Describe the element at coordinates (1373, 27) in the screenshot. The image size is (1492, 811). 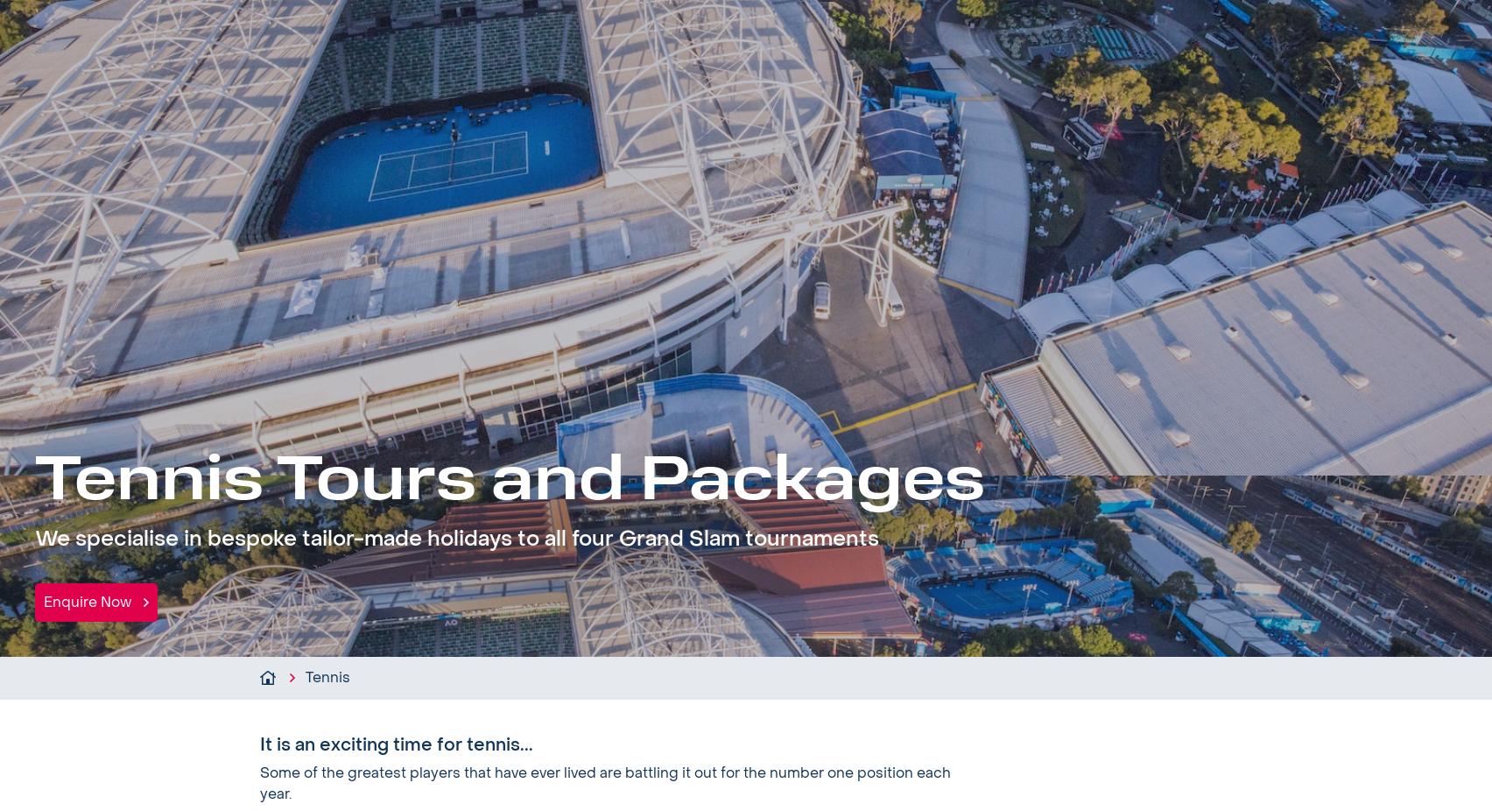
I see `'01244 729 888'` at that location.